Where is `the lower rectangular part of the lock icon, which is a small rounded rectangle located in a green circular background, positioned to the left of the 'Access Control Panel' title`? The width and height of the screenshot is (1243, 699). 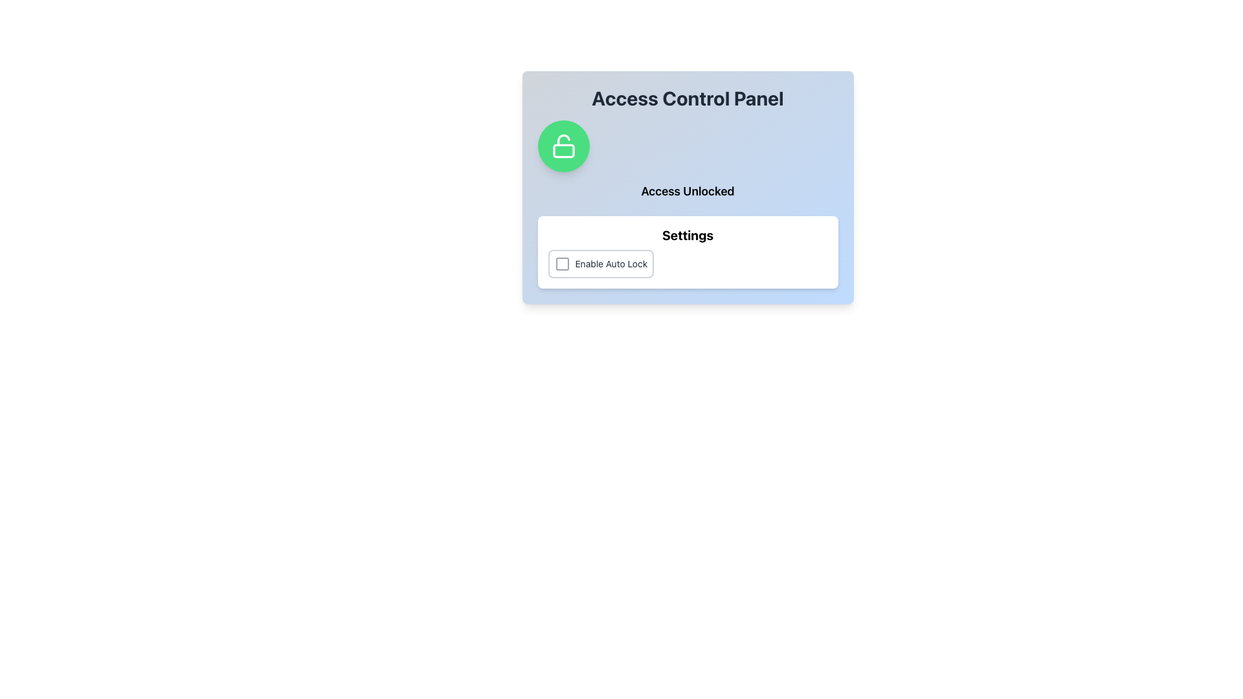
the lower rectangular part of the lock icon, which is a small rounded rectangle located in a green circular background, positioned to the left of the 'Access Control Panel' title is located at coordinates (563, 150).